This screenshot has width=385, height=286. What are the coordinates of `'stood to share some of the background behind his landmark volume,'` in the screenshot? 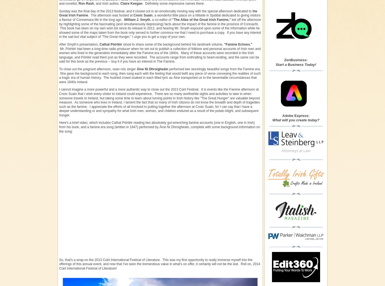 It's located at (122, 44).